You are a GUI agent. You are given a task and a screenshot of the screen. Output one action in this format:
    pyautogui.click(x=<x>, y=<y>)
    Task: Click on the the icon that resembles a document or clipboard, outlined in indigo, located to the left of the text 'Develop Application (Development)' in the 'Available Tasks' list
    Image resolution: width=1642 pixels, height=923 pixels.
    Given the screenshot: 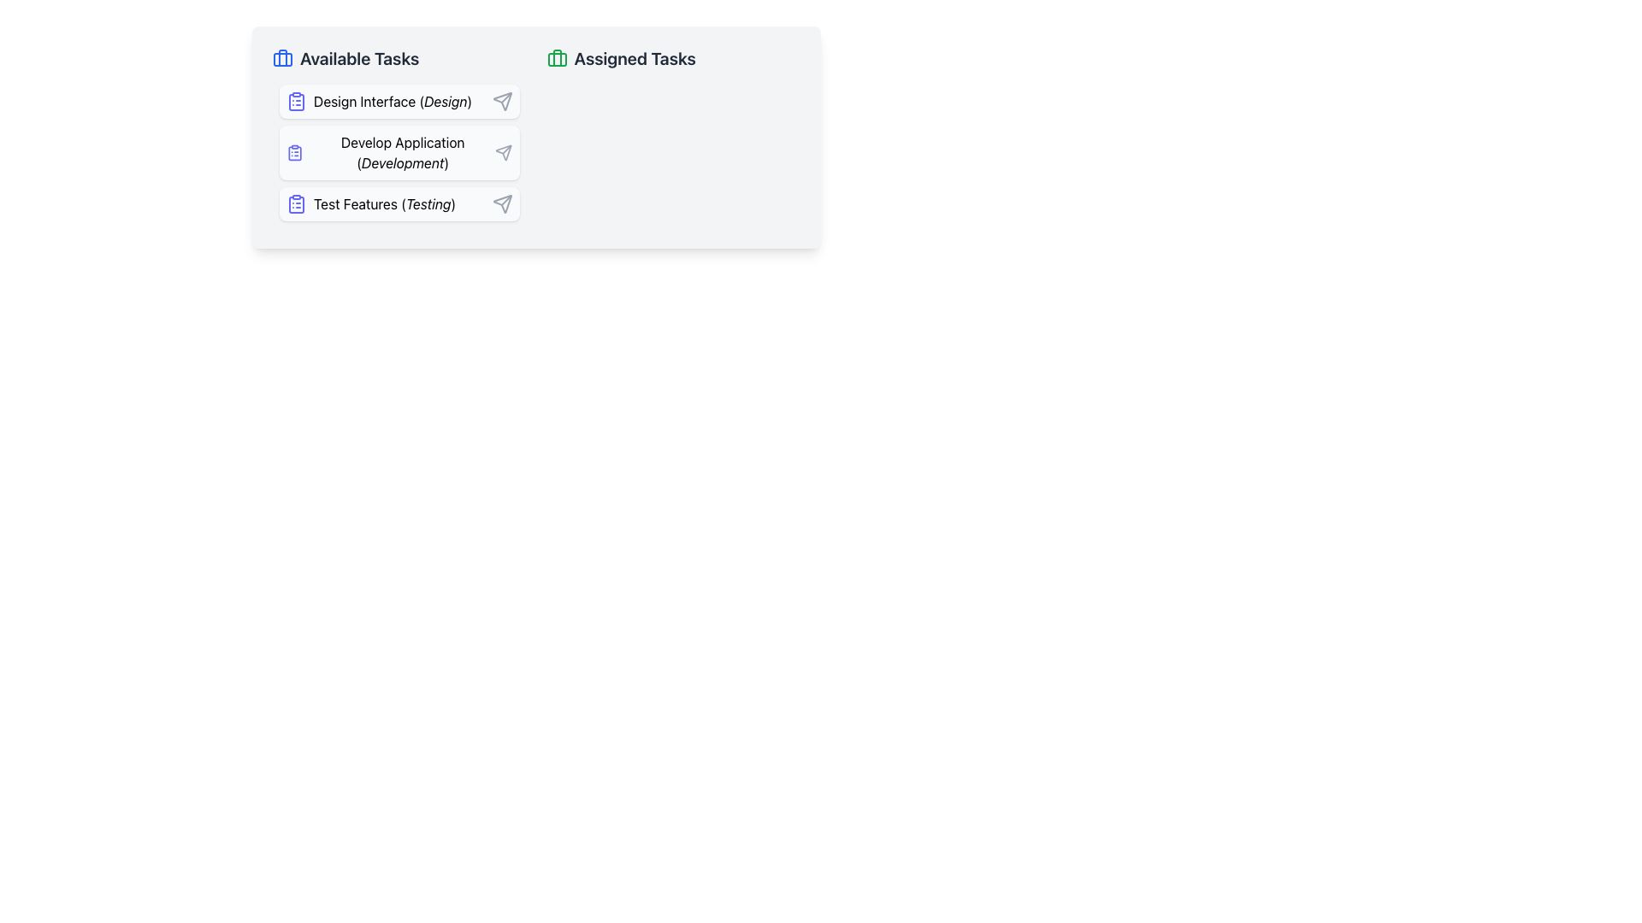 What is the action you would take?
    pyautogui.click(x=295, y=151)
    